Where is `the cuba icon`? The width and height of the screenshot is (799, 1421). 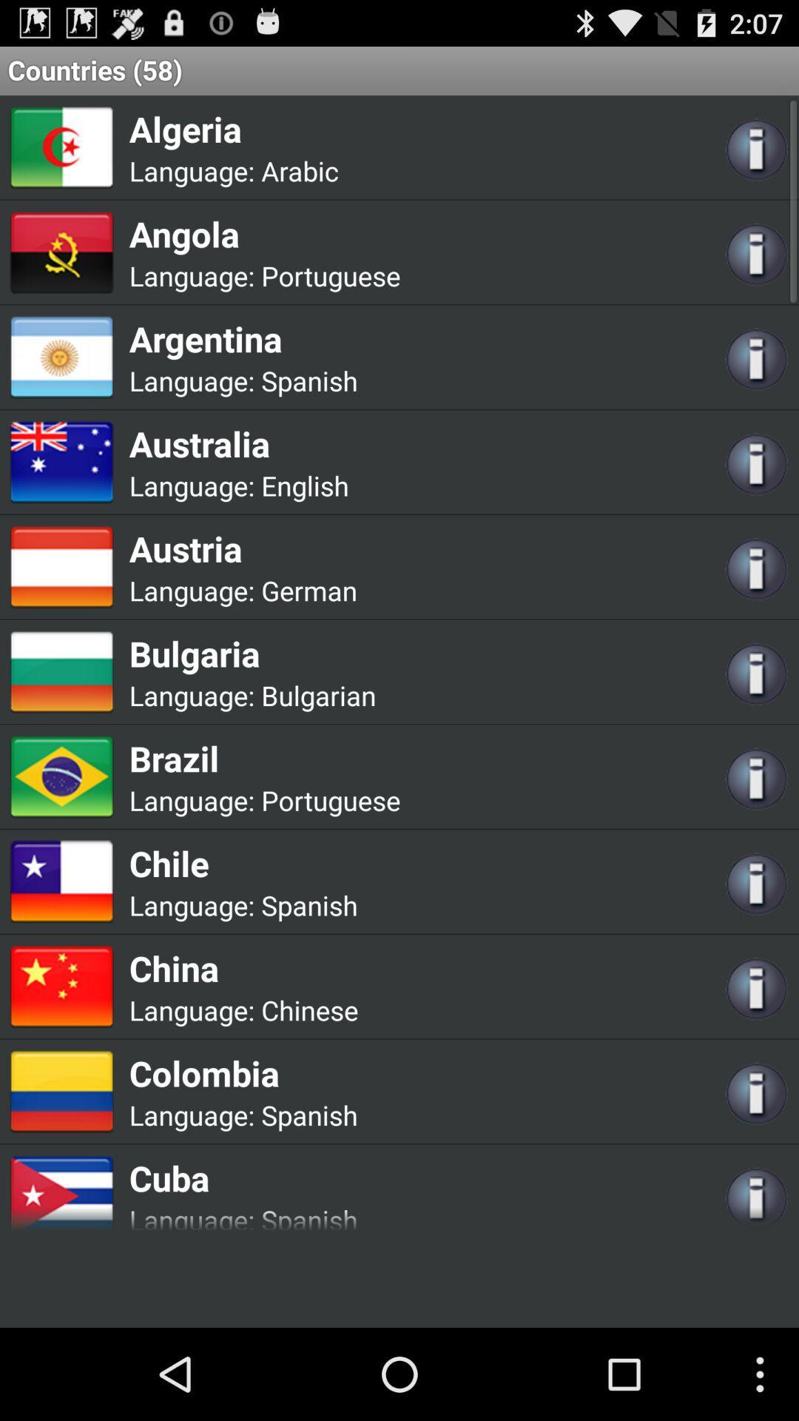
the cuba icon is located at coordinates (243, 1177).